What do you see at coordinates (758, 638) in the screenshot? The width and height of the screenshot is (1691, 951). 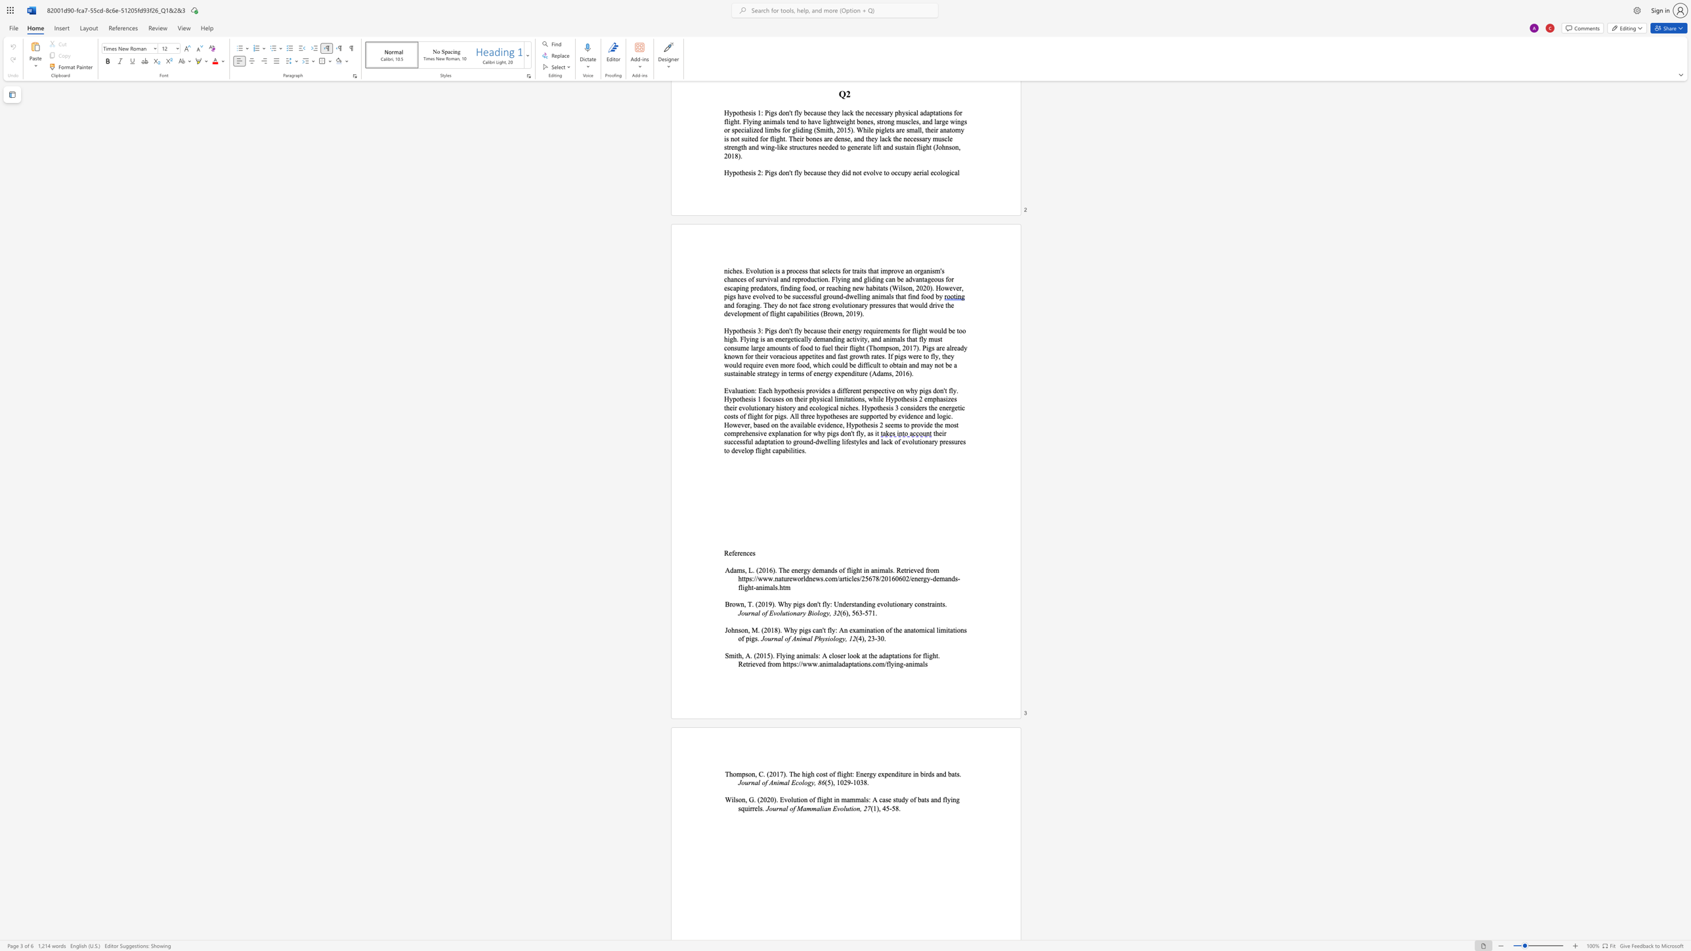 I see `the 1th character "." in the text` at bounding box center [758, 638].